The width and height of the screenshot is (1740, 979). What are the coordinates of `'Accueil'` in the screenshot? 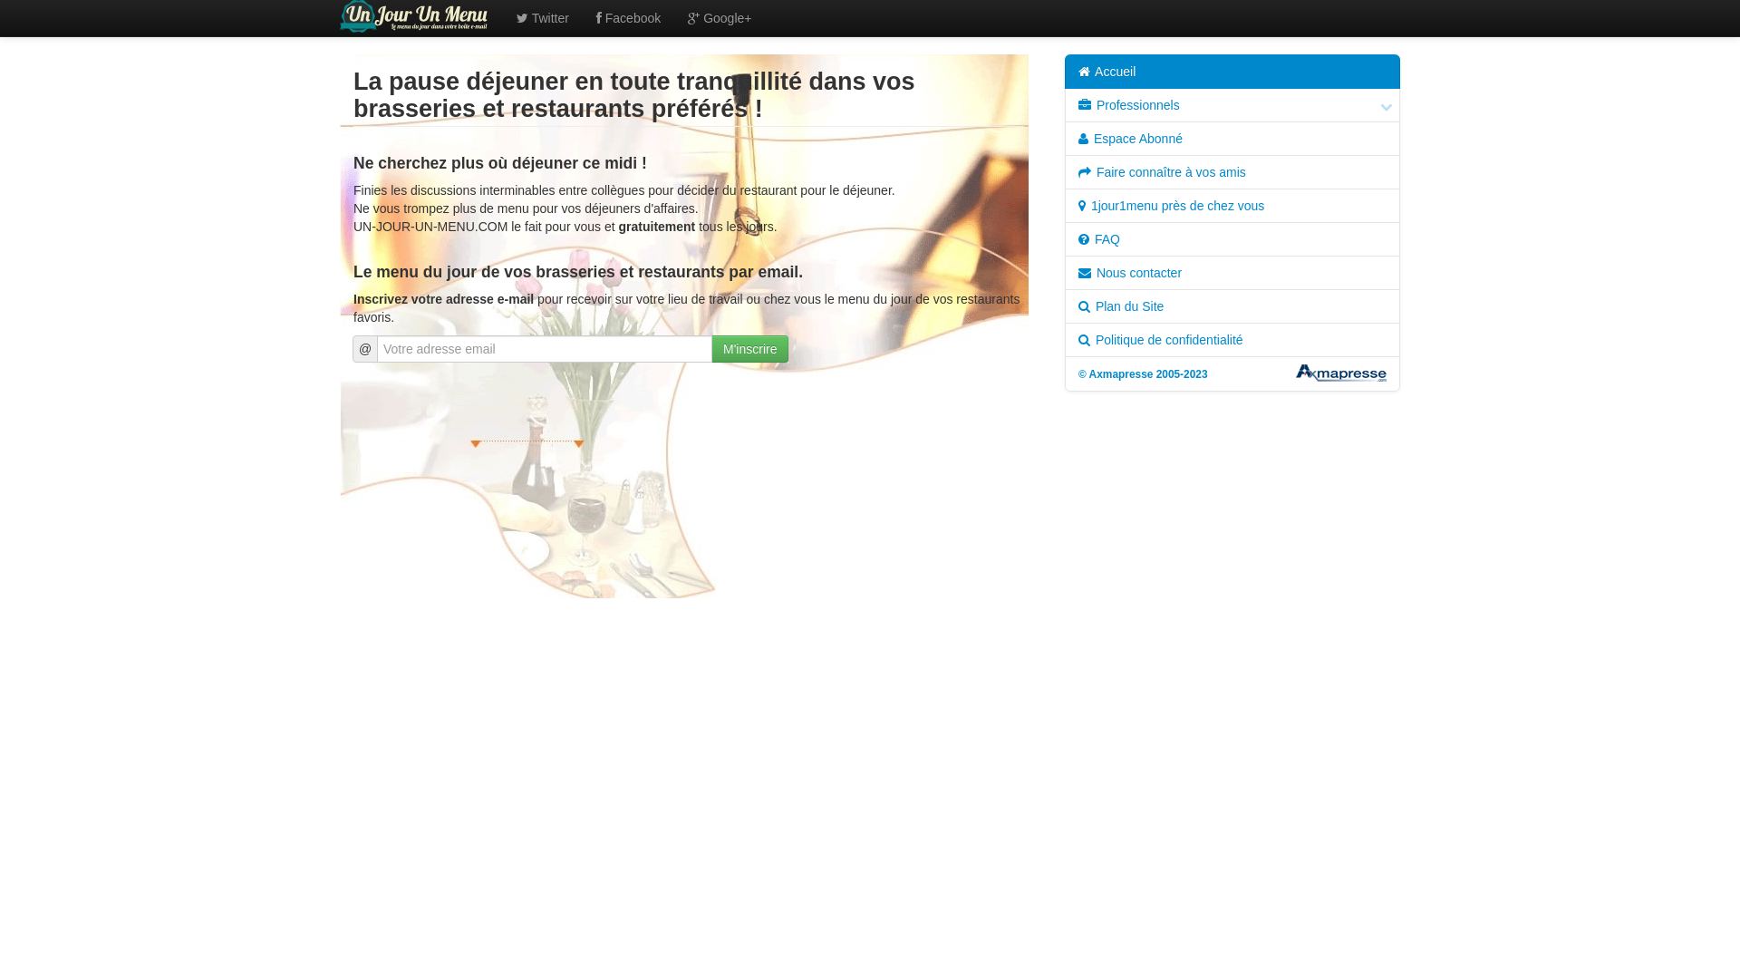 It's located at (1232, 70).